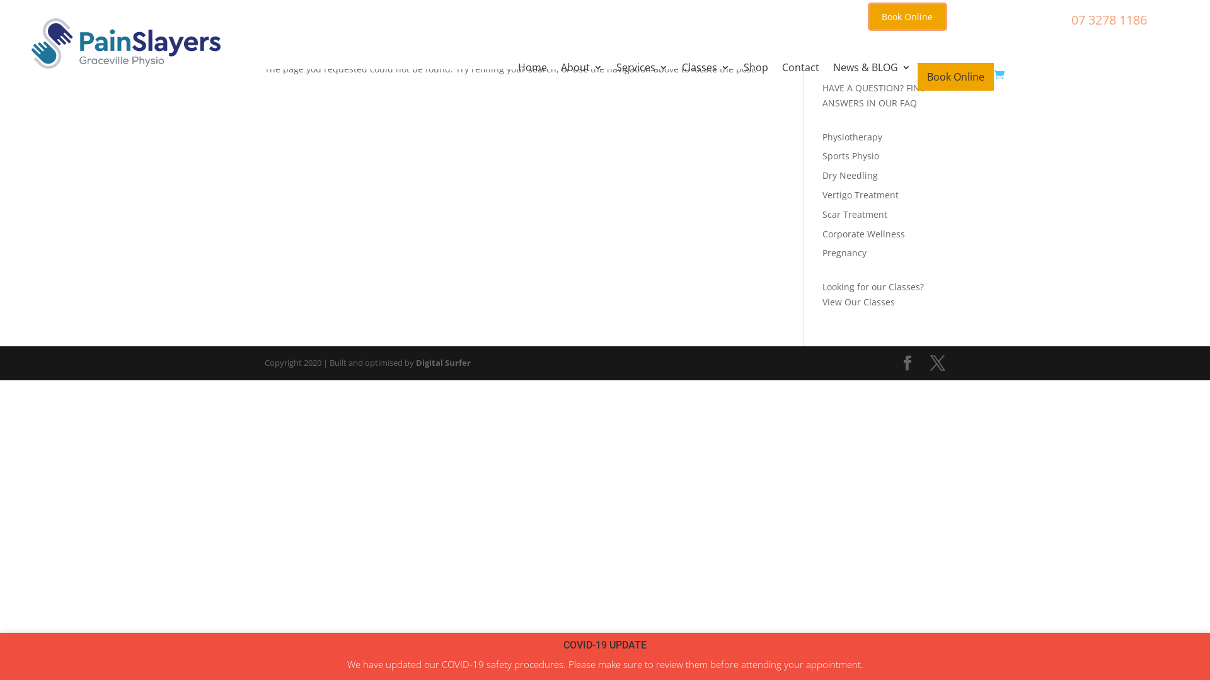  I want to click on 'Dry Needling', so click(850, 175).